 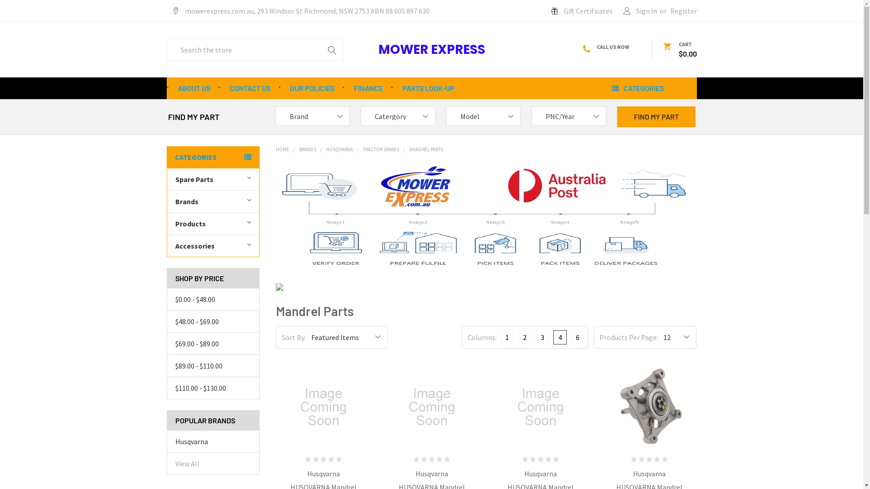 I want to click on 'PARTS LOOK-UP', so click(x=428, y=88).